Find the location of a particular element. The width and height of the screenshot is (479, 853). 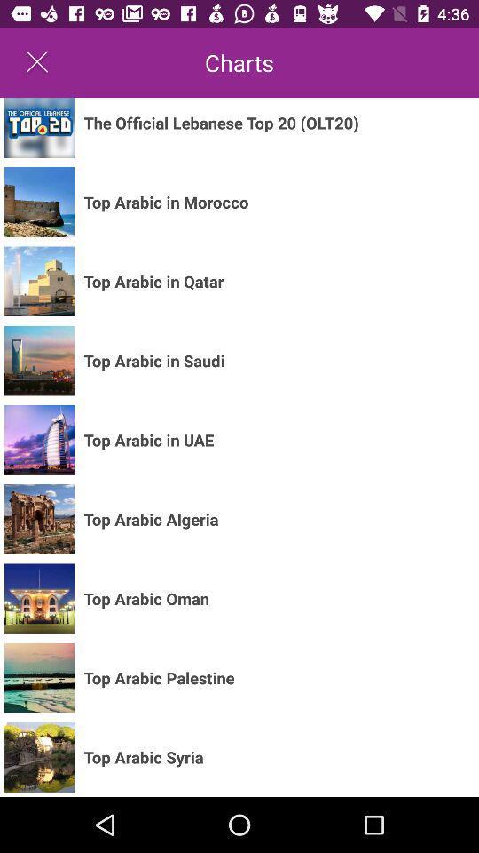

the item above the top arabic in icon is located at coordinates (221, 122).